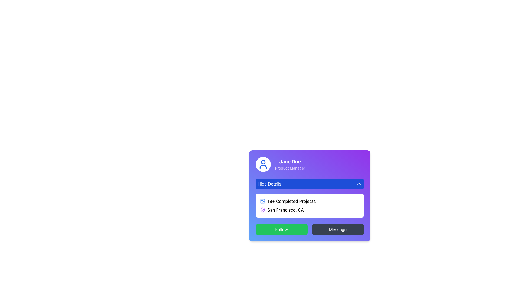 Image resolution: width=520 pixels, height=293 pixels. I want to click on the static text label displaying 'Product Manager' which is located below 'Jane Doe' in a card-like component, so click(290, 168).